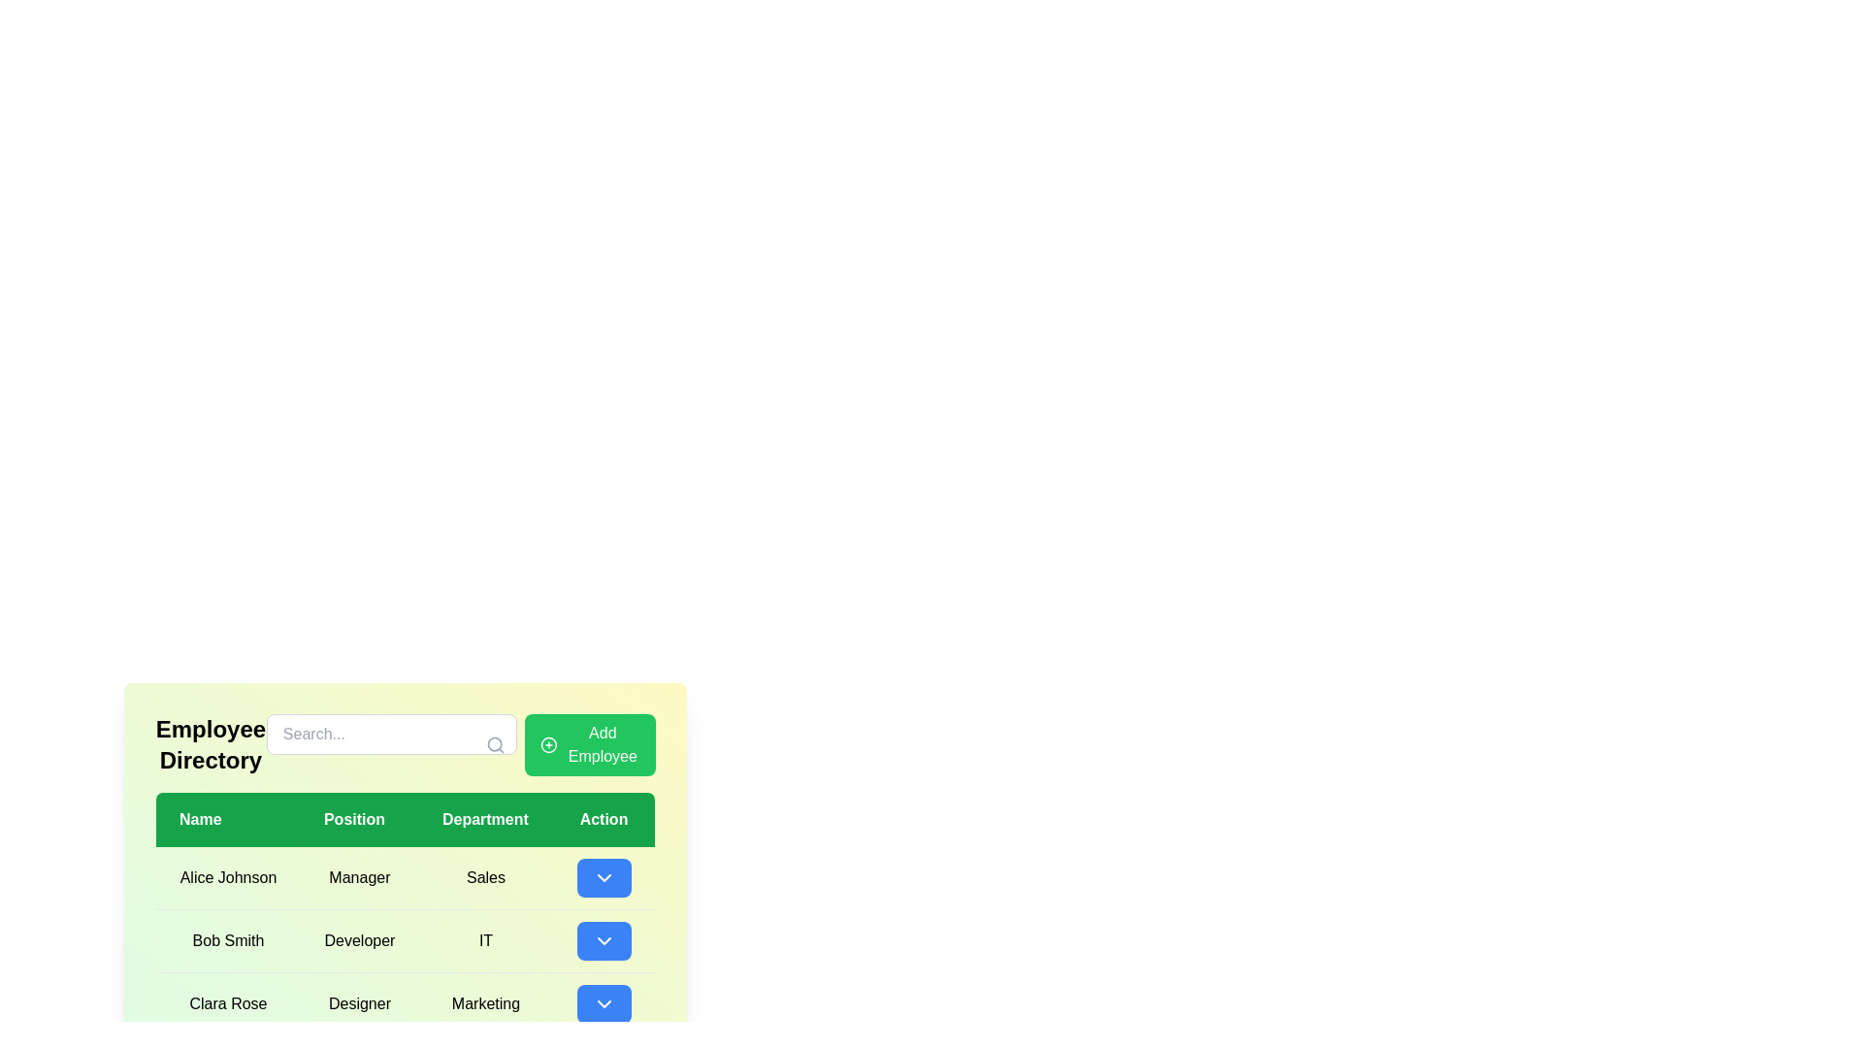 The width and height of the screenshot is (1863, 1048). What do you see at coordinates (359, 1003) in the screenshot?
I see `the static text cell displaying the job position of employee 'Clara Rose' in the table, which is located in the 'Position' column between 'Name' and 'Department' columns` at bounding box center [359, 1003].